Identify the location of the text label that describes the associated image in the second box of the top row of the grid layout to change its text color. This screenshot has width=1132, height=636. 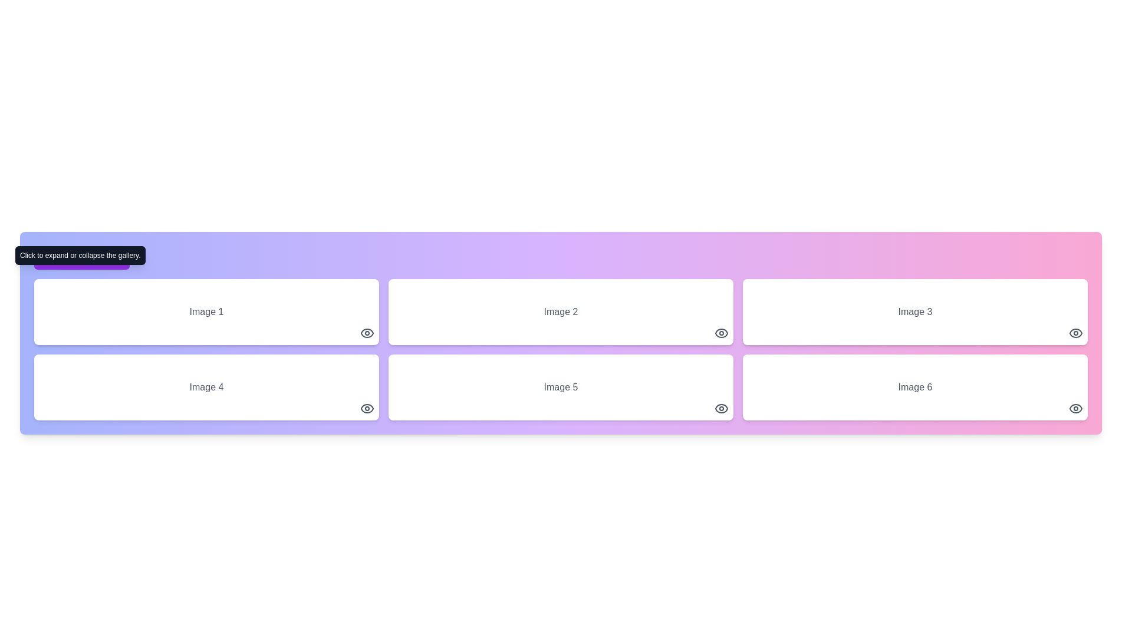
(560, 311).